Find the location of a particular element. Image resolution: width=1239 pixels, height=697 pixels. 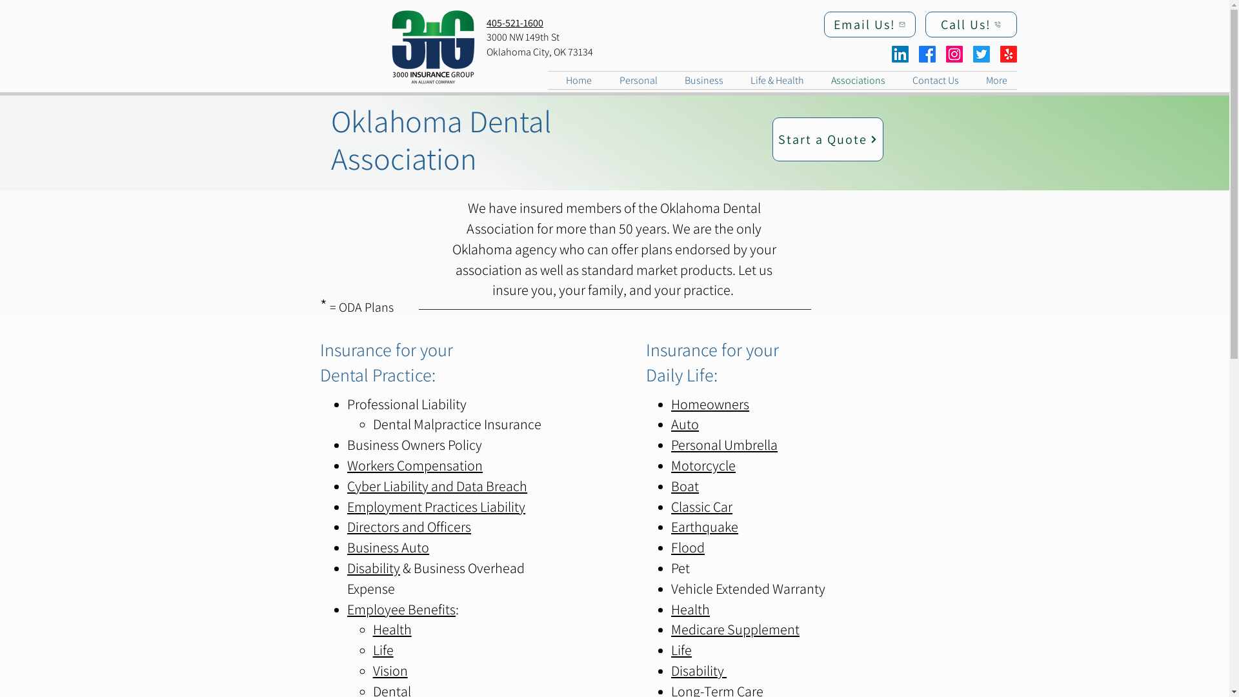

'Business Auto' is located at coordinates (387, 547).